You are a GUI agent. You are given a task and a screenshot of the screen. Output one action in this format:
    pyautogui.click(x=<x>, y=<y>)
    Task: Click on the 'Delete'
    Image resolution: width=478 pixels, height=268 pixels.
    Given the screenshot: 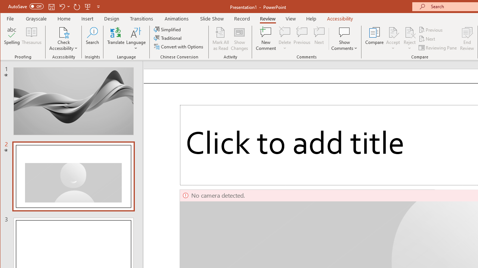 What is the action you would take?
    pyautogui.click(x=284, y=32)
    